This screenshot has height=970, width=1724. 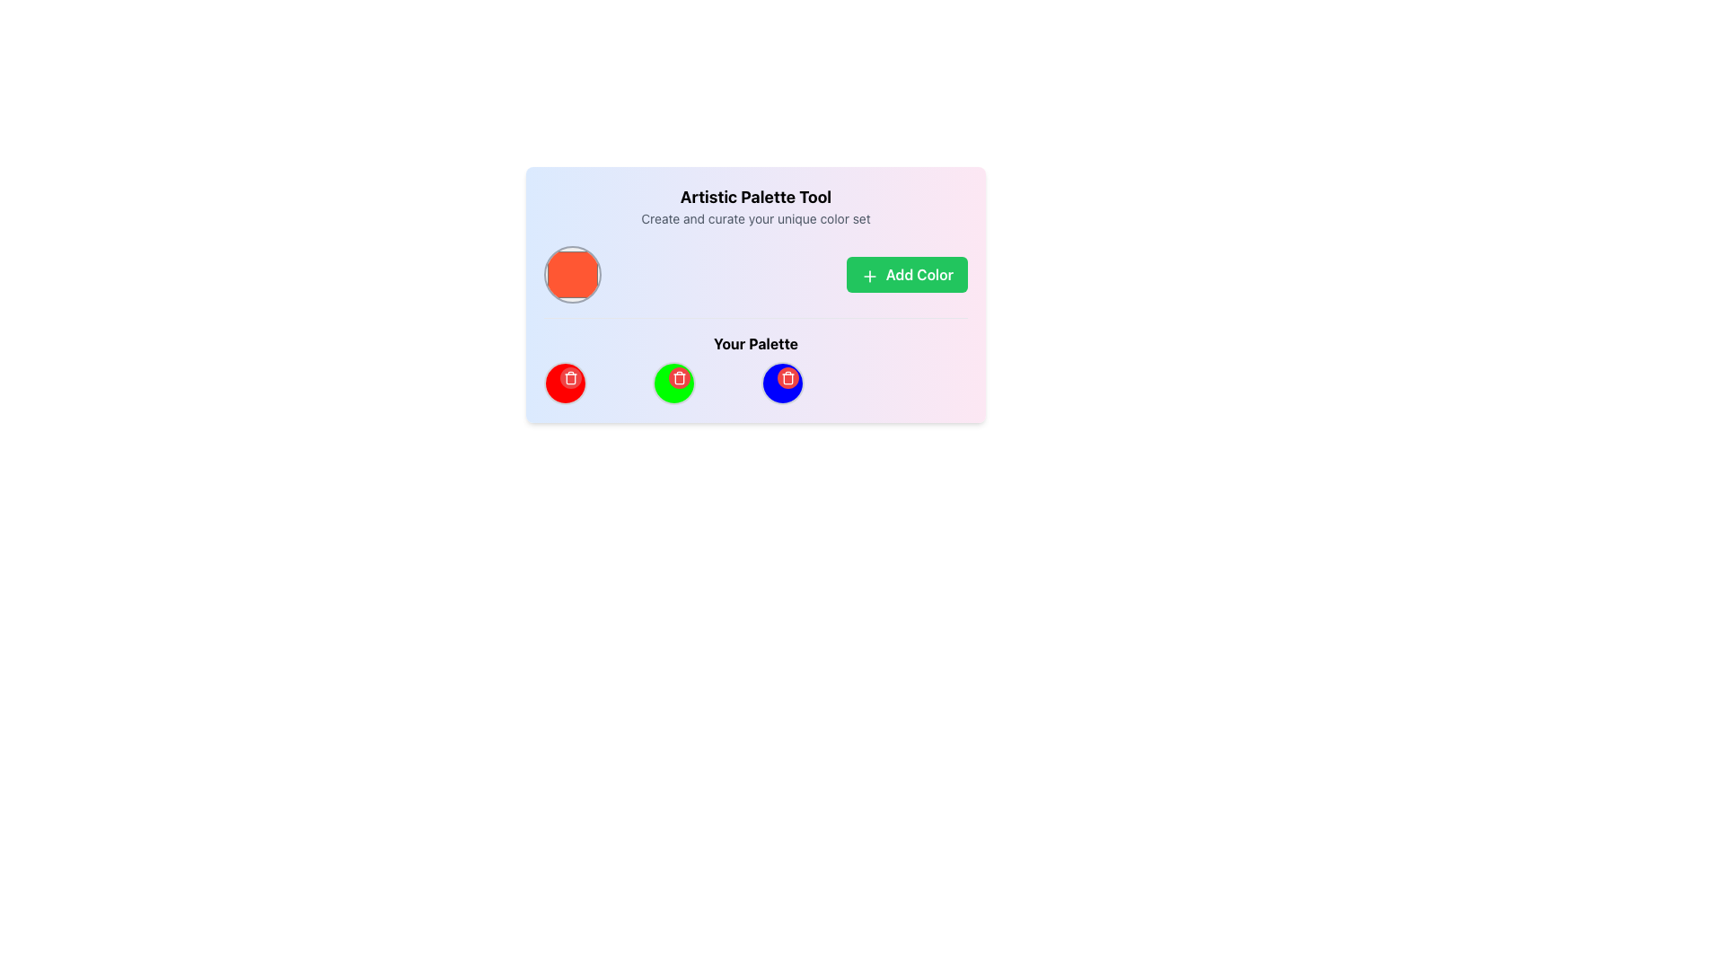 What do you see at coordinates (906, 274) in the screenshot?
I see `the green 'Add Color' button with a white plus icon` at bounding box center [906, 274].